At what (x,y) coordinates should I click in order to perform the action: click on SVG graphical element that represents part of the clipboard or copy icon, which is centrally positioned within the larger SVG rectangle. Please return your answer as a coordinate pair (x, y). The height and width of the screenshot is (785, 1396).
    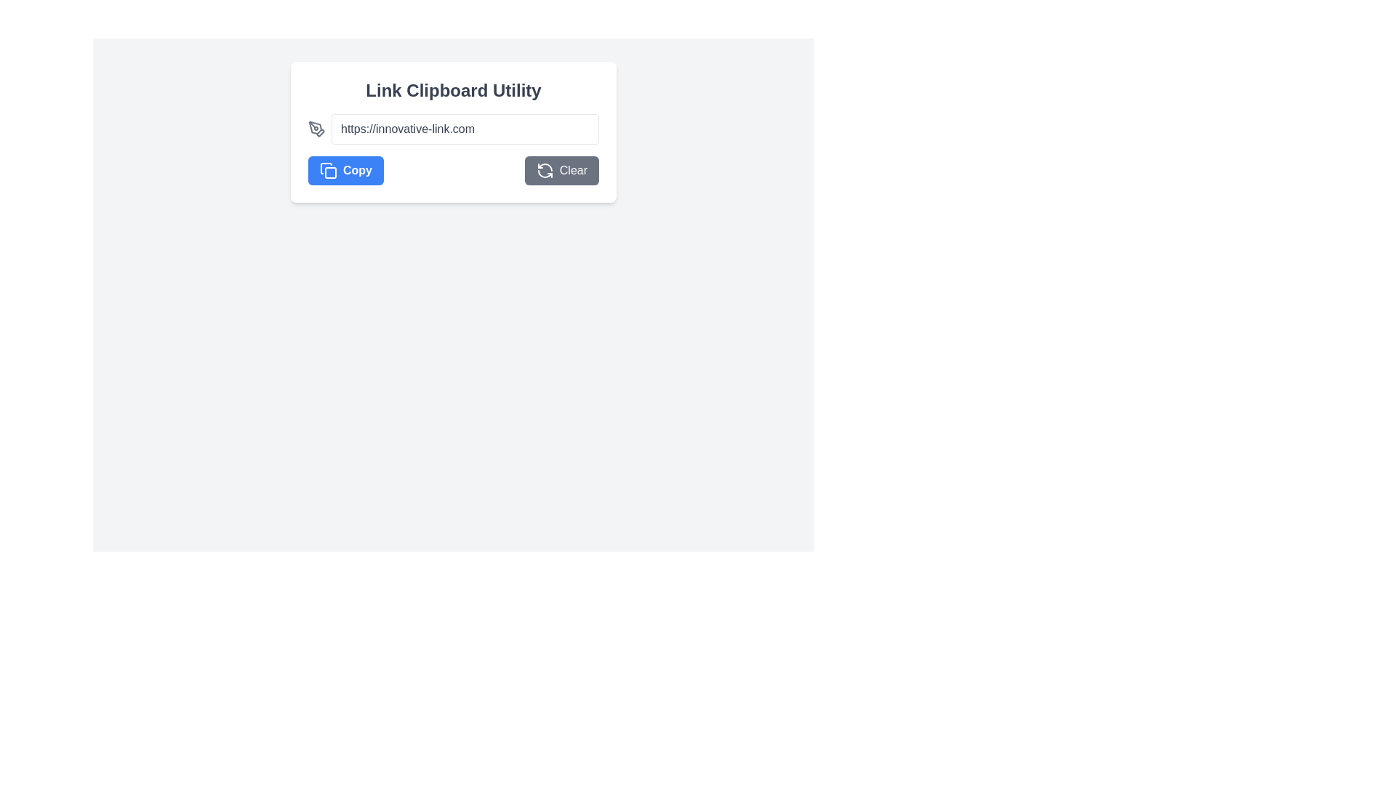
    Looking at the image, I should click on (330, 172).